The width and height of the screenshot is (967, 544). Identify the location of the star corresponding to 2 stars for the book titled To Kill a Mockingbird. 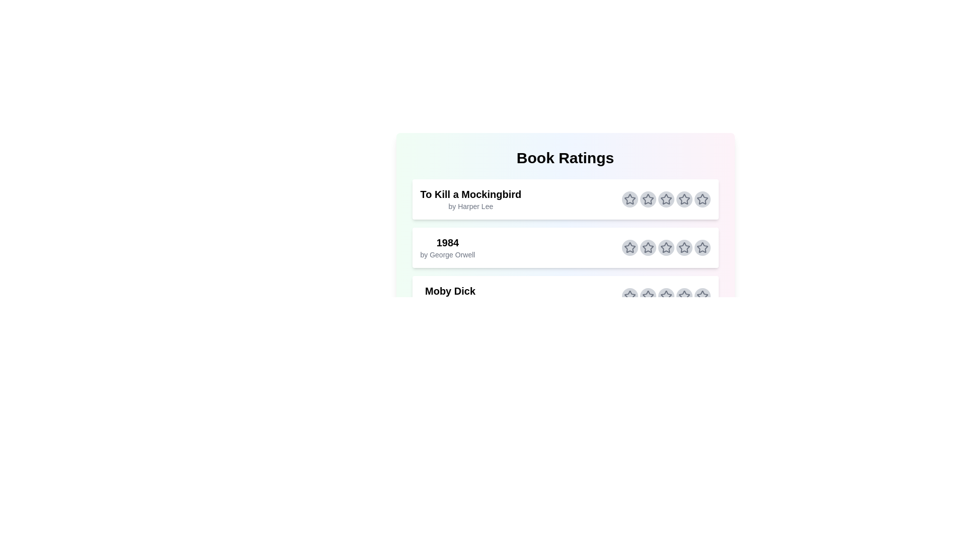
(648, 199).